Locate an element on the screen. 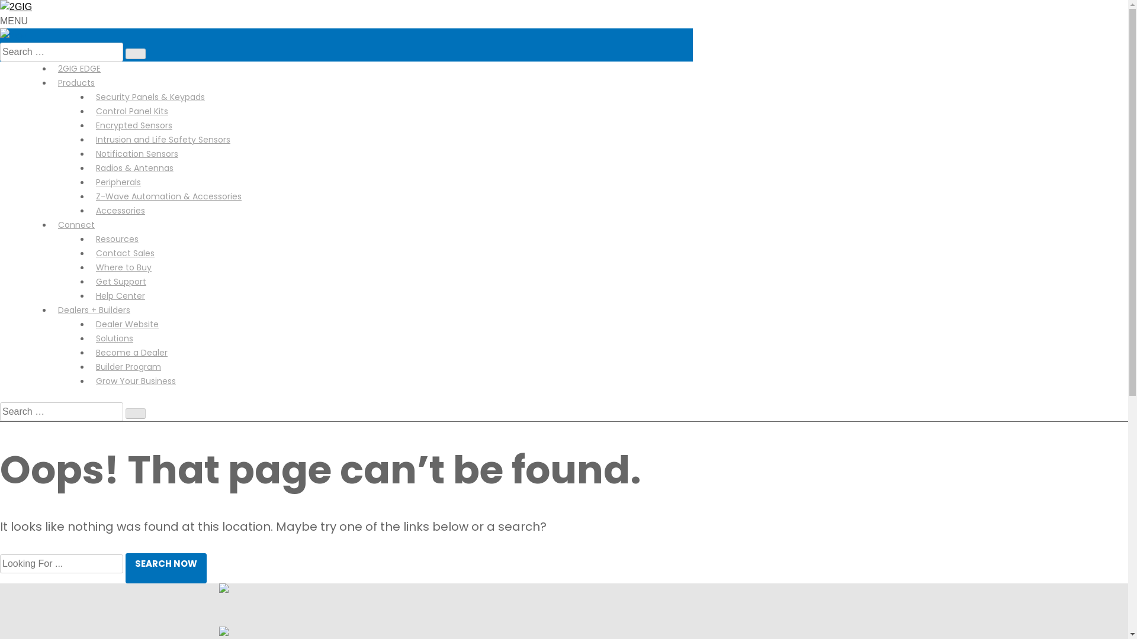 The height and width of the screenshot is (639, 1137). 'Security Panels & Keypads' is located at coordinates (89, 96).